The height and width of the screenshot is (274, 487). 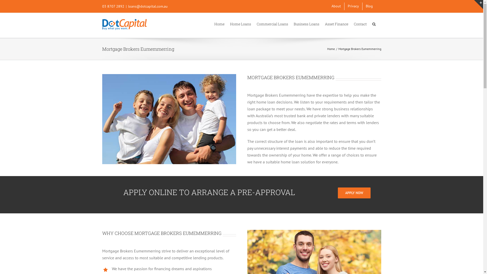 I want to click on 'Asset Finance', so click(x=336, y=23).